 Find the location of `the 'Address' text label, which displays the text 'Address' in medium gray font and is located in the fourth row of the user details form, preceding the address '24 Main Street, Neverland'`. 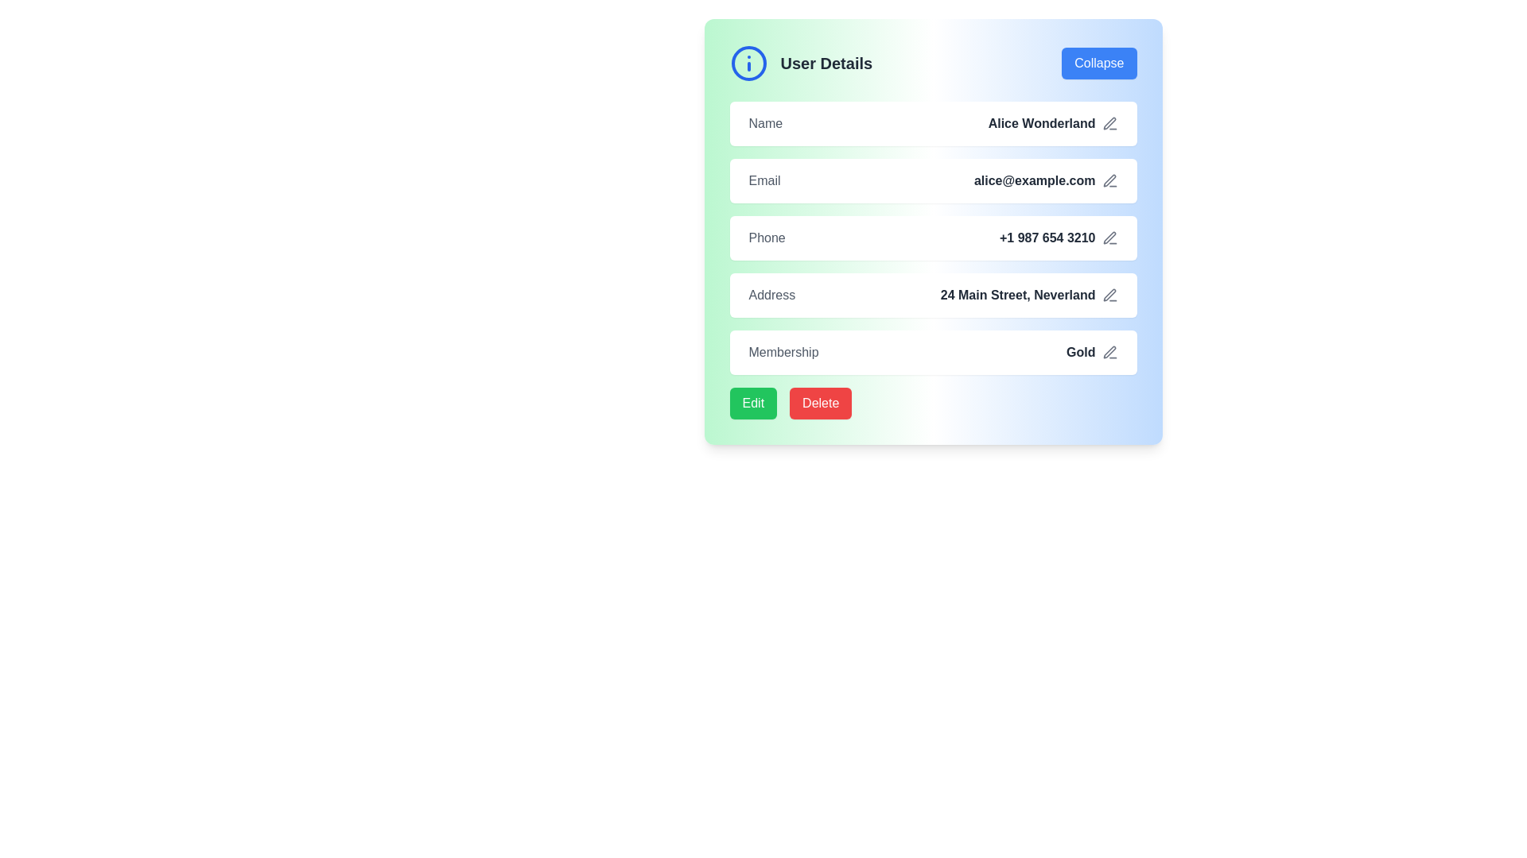

the 'Address' text label, which displays the text 'Address' in medium gray font and is located in the fourth row of the user details form, preceding the address '24 Main Street, Neverland' is located at coordinates (771, 295).